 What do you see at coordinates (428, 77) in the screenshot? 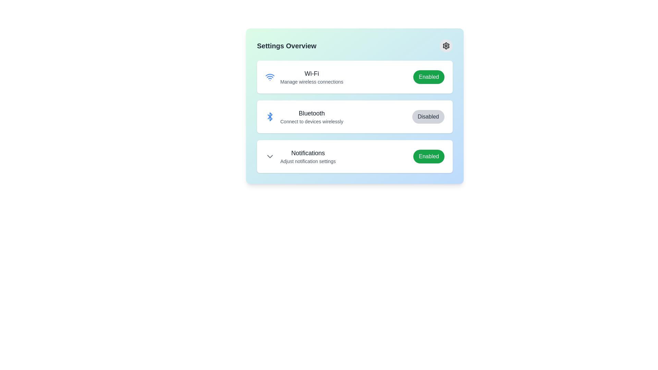
I see `the button labeled Wi-Fi to reveal its hover effect` at bounding box center [428, 77].